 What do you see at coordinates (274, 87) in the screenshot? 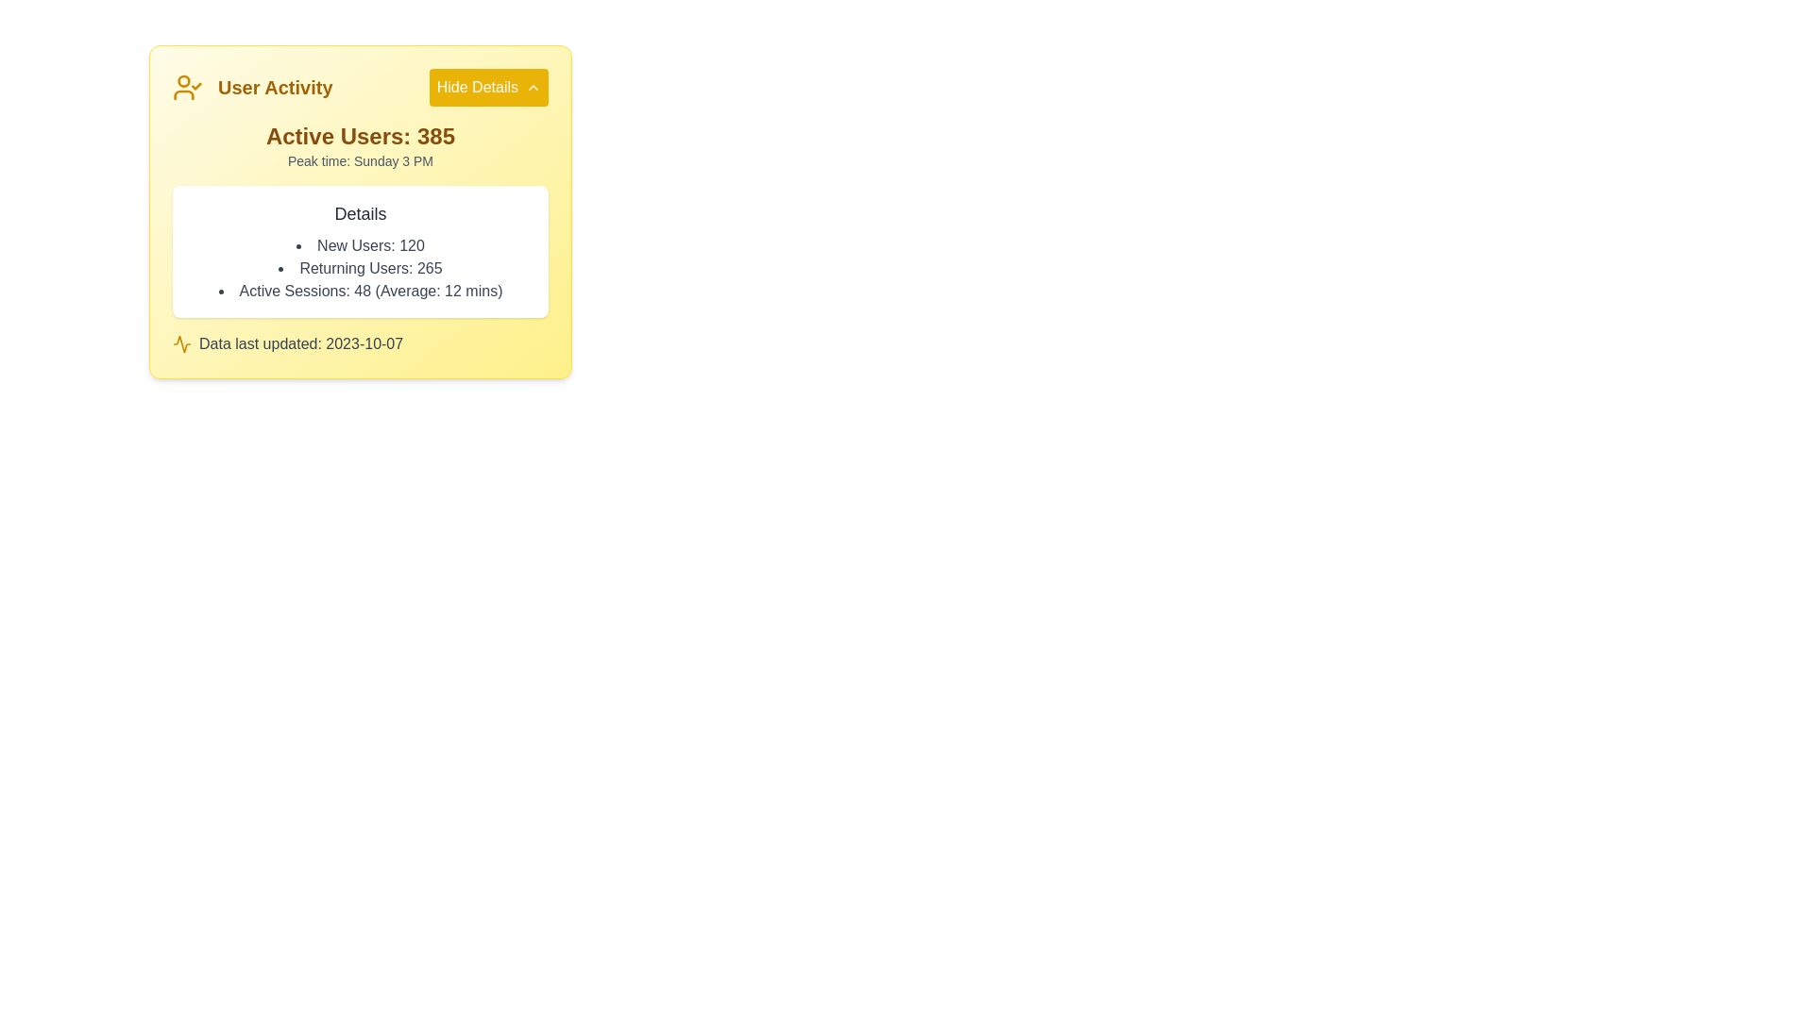
I see `bold text label 'User Activity' which is prominently displayed in yellow color, located near the top-left corner of a yellow panel, adjacent to a person icon with a checkmark and to the left of the 'Hide Details' button` at bounding box center [274, 87].